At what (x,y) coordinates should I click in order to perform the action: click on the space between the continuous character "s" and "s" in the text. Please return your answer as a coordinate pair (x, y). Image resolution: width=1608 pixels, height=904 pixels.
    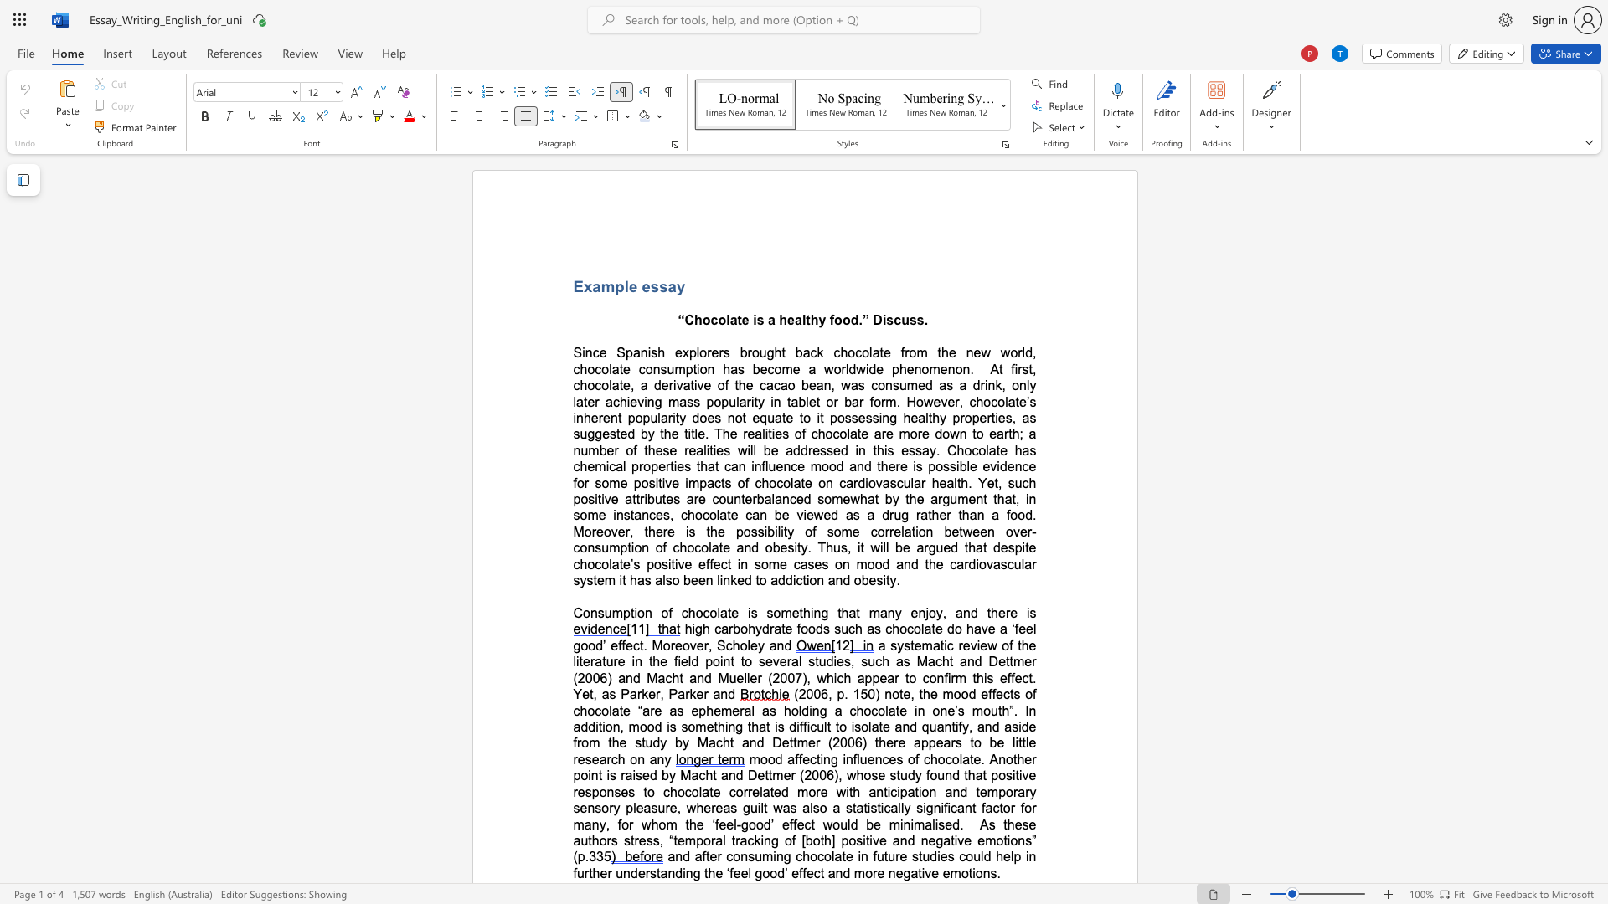
    Looking at the image, I should click on (915, 320).